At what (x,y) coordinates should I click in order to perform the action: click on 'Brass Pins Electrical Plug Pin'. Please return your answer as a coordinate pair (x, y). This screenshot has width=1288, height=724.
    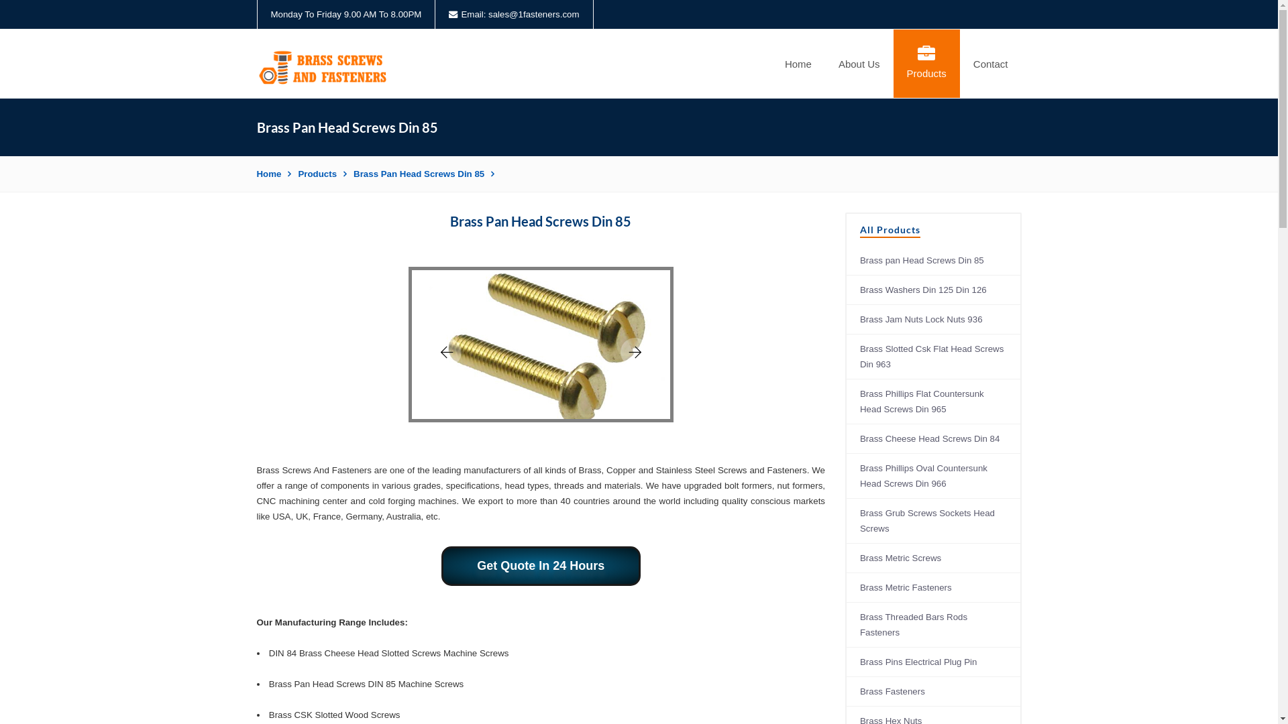
    Looking at the image, I should click on (932, 661).